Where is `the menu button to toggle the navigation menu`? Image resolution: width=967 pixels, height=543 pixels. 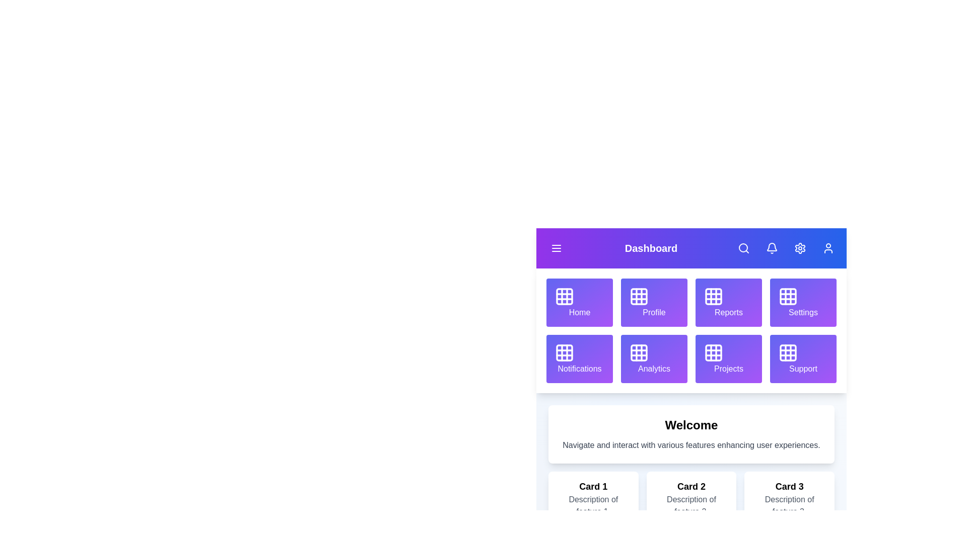
the menu button to toggle the navigation menu is located at coordinates (556, 248).